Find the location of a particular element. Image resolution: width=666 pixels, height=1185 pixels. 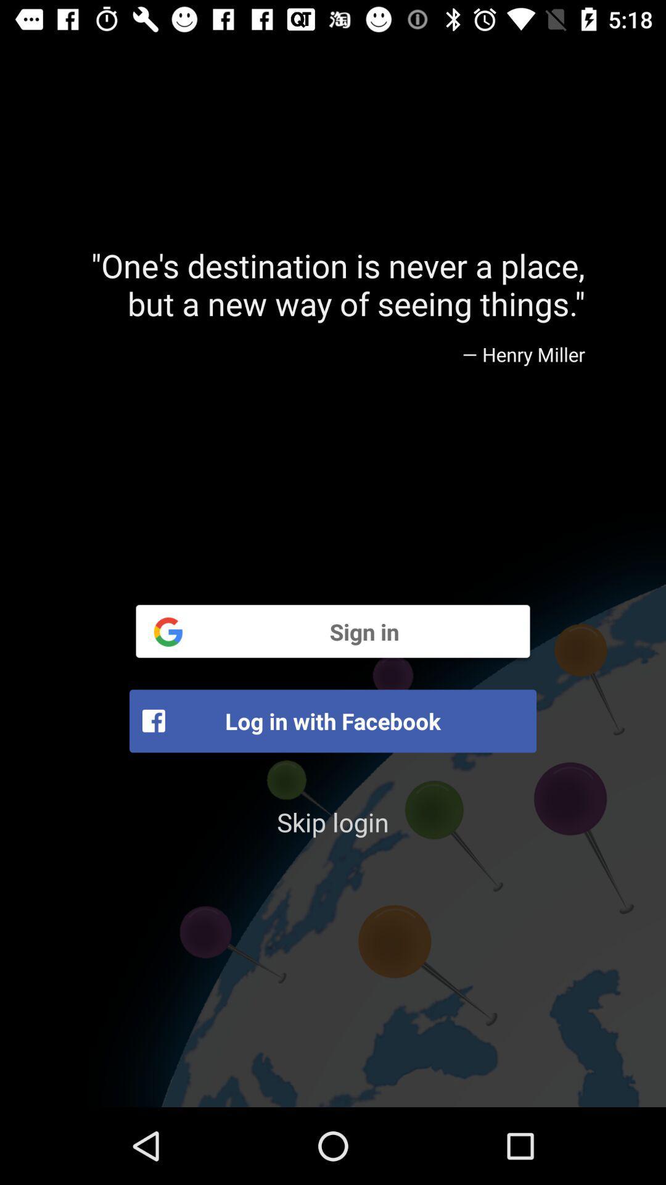

skip login item is located at coordinates (333, 821).